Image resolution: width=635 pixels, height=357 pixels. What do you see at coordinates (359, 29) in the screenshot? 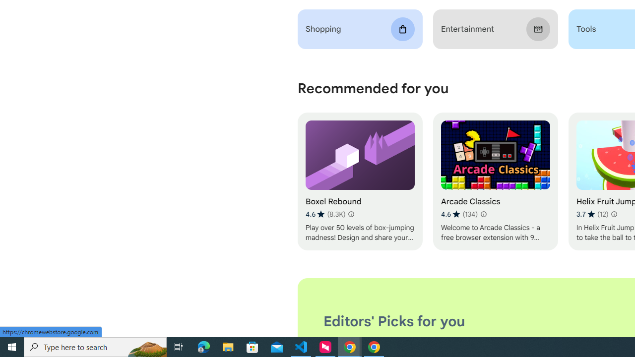
I see `'Shopping'` at bounding box center [359, 29].